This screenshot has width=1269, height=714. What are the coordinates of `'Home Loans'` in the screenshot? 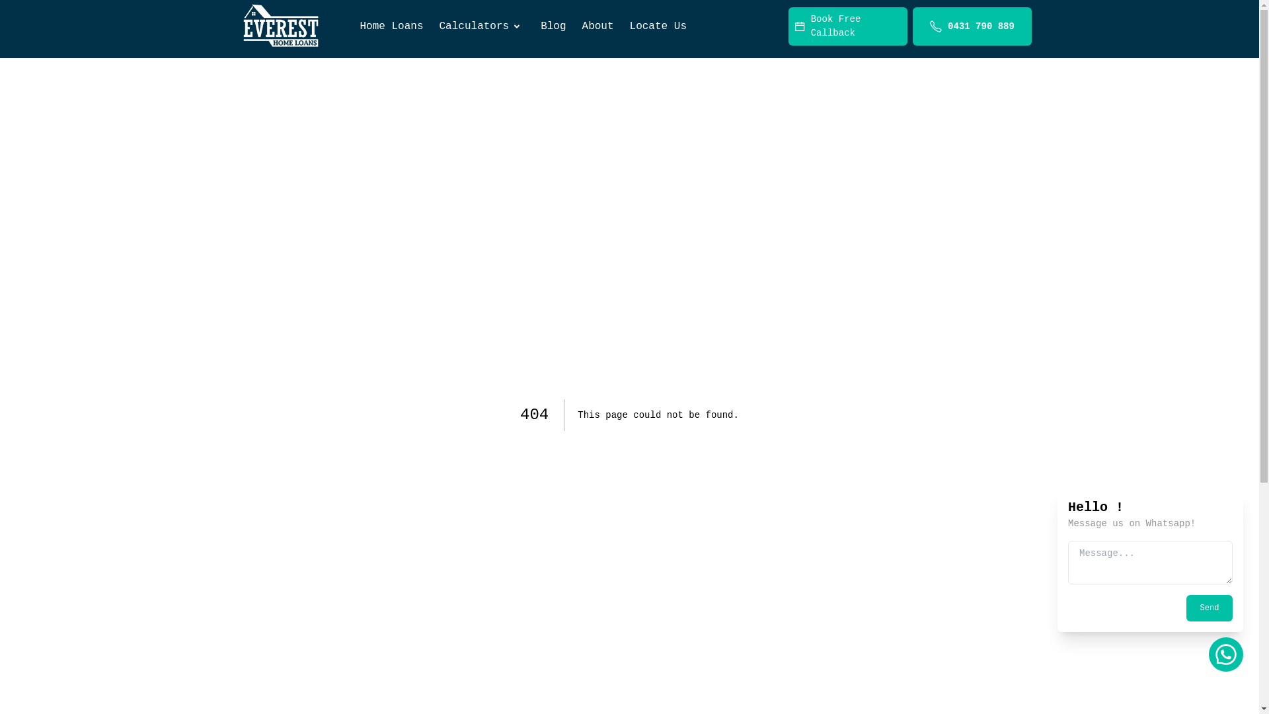 It's located at (390, 26).